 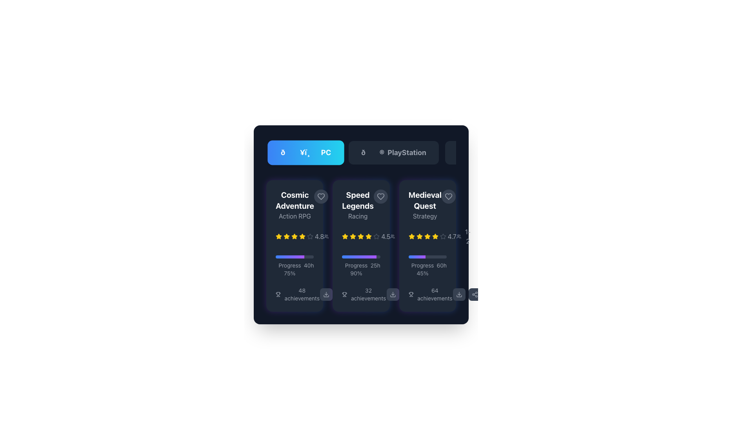 I want to click on the Rating display element that shows a score of '4.8' out of 5, located below the title 'Cosmic Adventure' and above a progress bar, so click(x=299, y=236).